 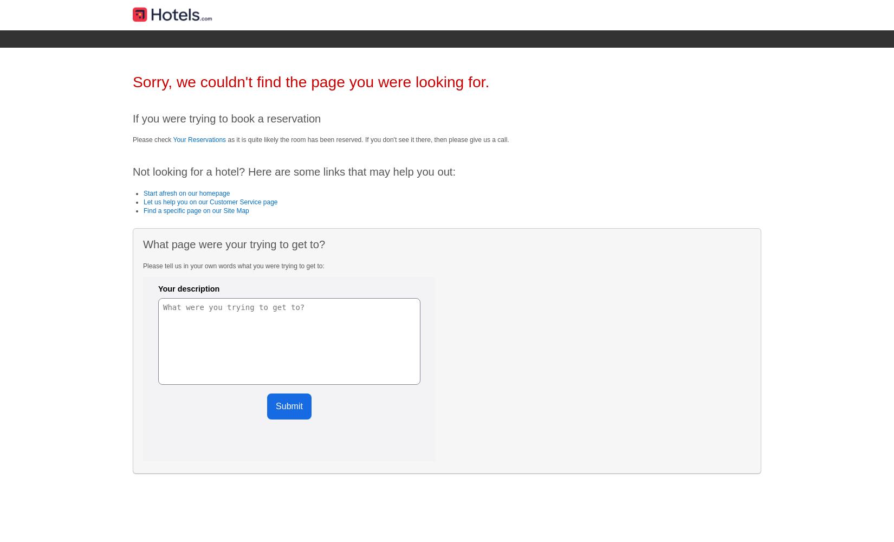 I want to click on 'If you were trying to book a reservation', so click(x=133, y=118).